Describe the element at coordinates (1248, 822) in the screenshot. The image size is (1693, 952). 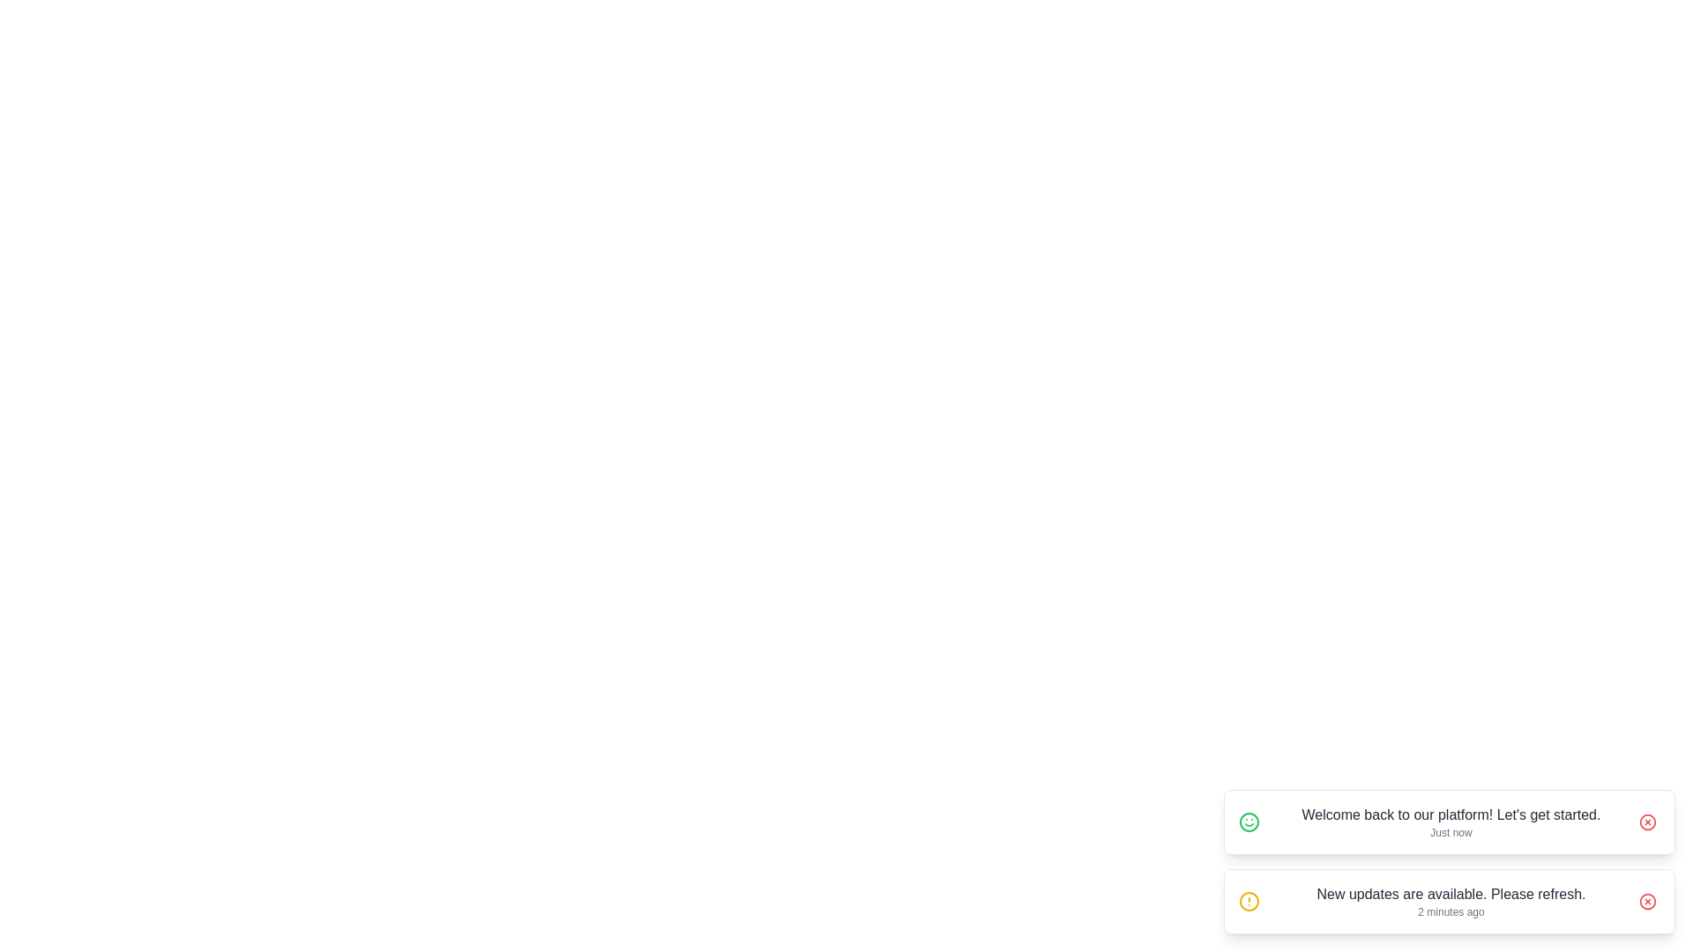
I see `the icon associated with Welcome back to our platform! Let's get started. to interact with it` at that location.